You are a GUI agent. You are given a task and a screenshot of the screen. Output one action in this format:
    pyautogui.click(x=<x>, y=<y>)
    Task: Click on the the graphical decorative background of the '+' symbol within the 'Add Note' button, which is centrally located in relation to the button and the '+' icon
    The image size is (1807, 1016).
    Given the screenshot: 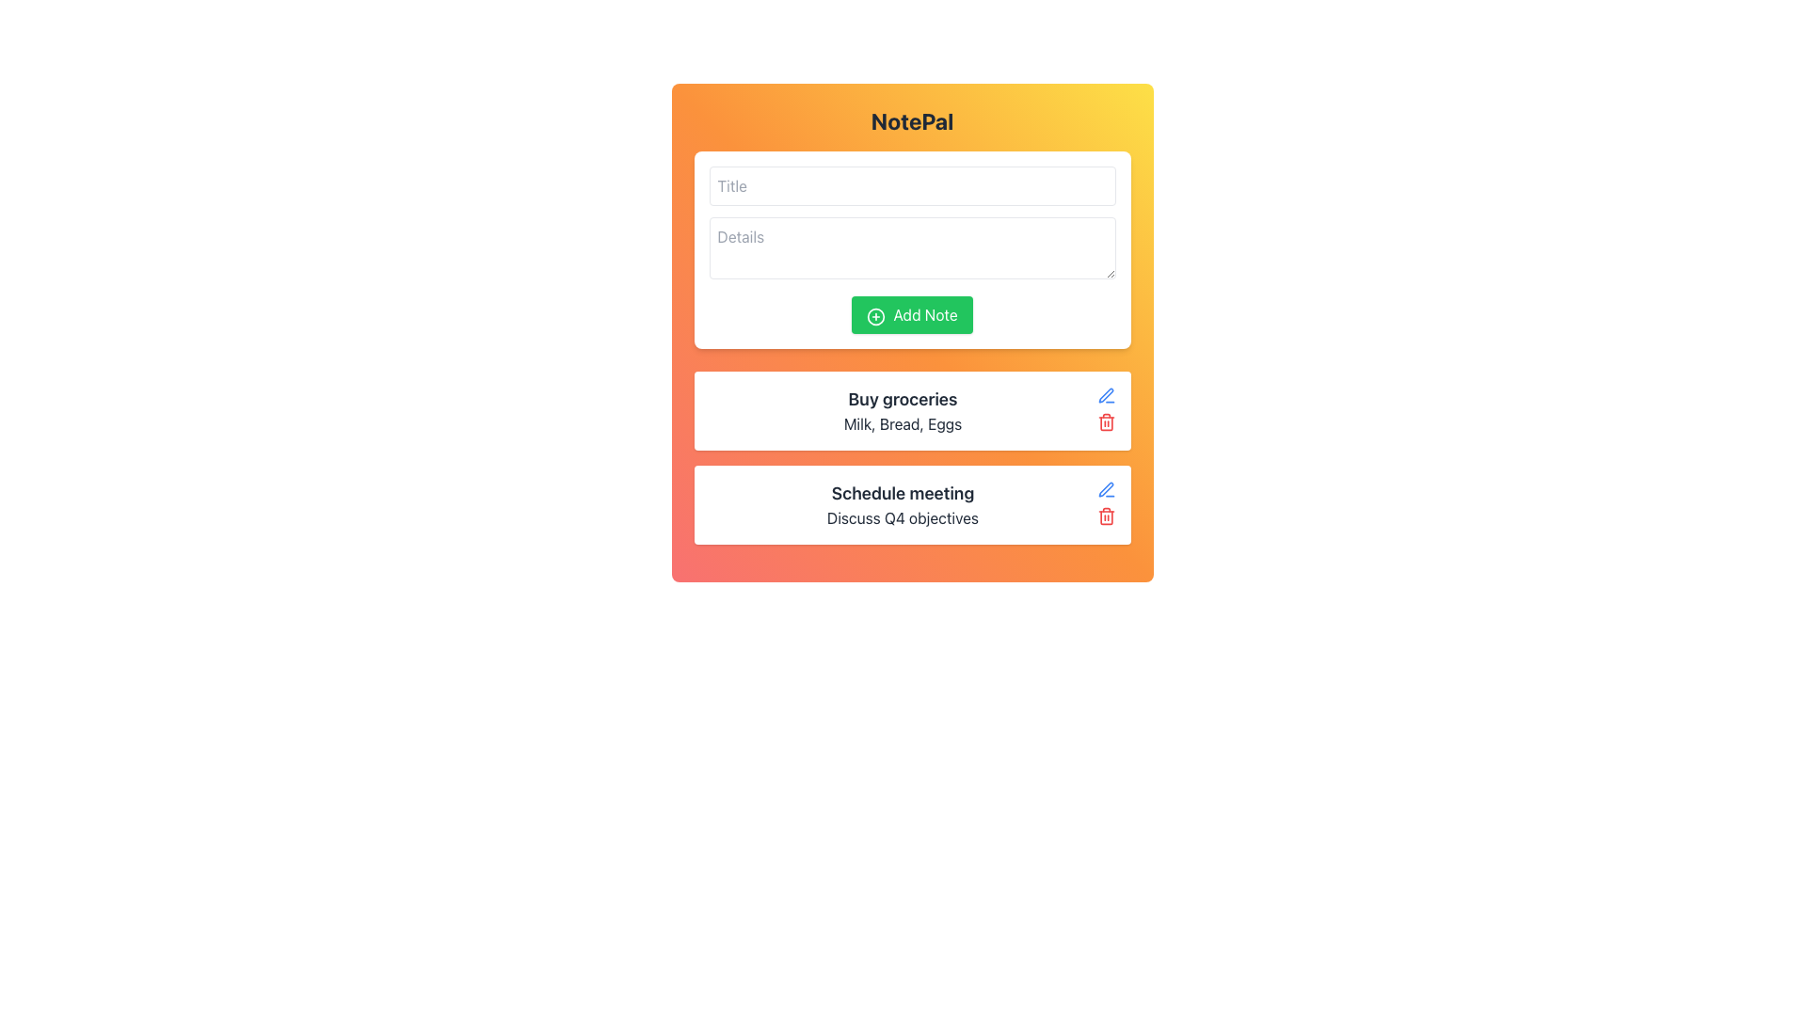 What is the action you would take?
    pyautogui.click(x=875, y=315)
    